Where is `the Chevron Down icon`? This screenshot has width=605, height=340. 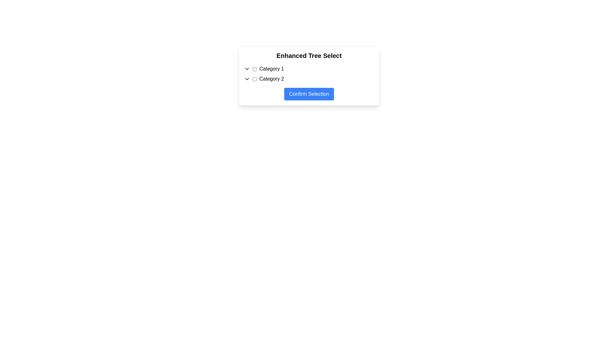 the Chevron Down icon is located at coordinates (246, 69).